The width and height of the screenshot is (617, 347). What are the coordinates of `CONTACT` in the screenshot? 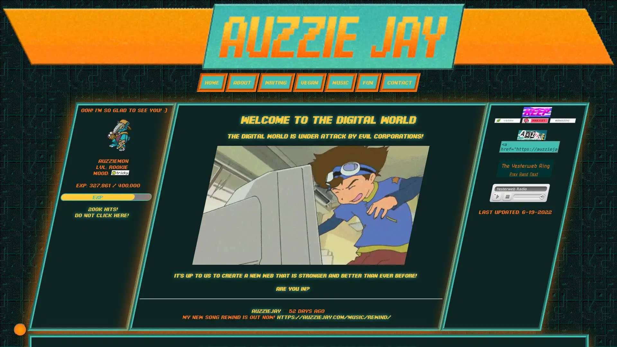 It's located at (399, 82).